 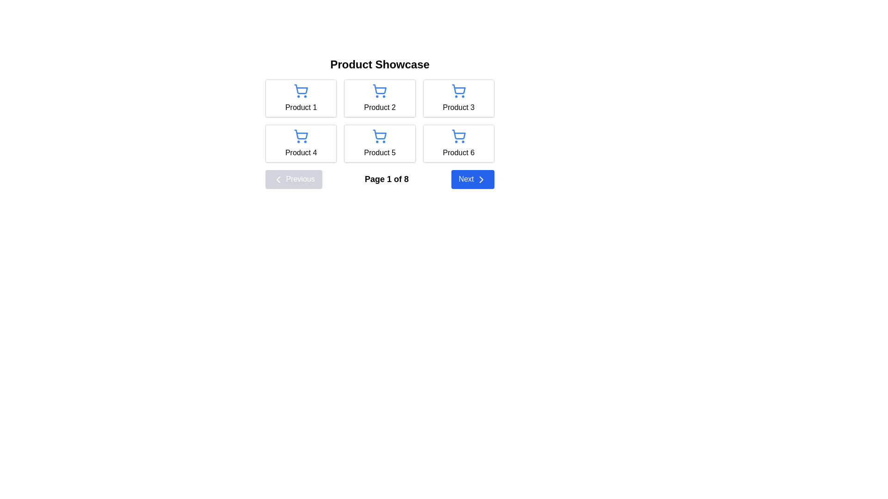 I want to click on the shopping cart icon located in the top-right card of the grid layout labeled 'Product 3', so click(x=458, y=91).